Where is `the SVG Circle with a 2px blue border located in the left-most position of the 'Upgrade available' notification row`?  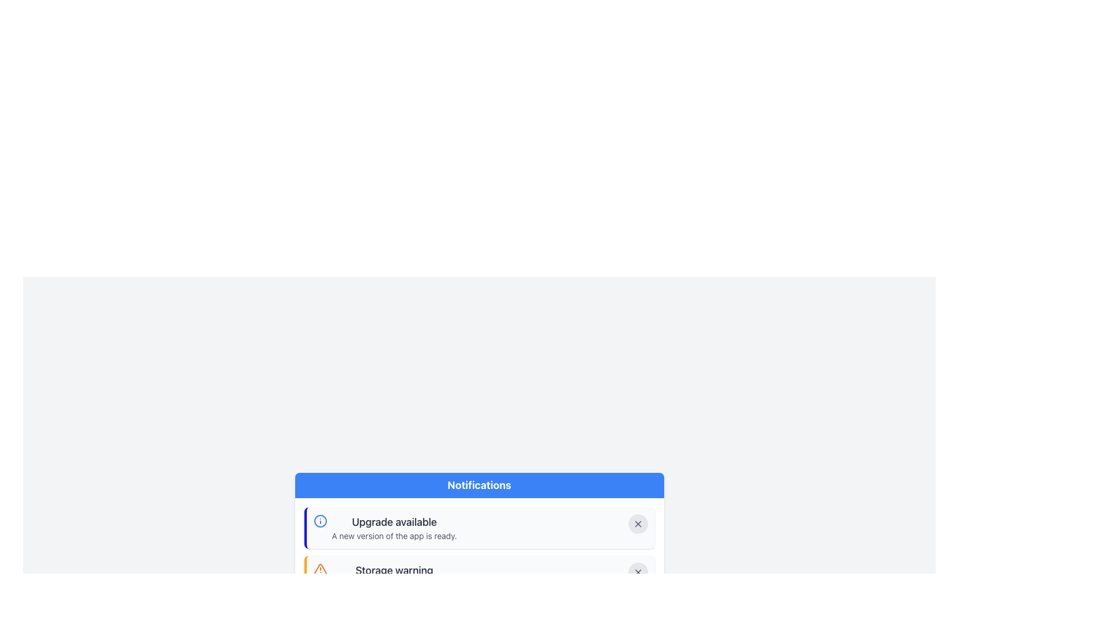 the SVG Circle with a 2px blue border located in the left-most position of the 'Upgrade available' notification row is located at coordinates (320, 521).